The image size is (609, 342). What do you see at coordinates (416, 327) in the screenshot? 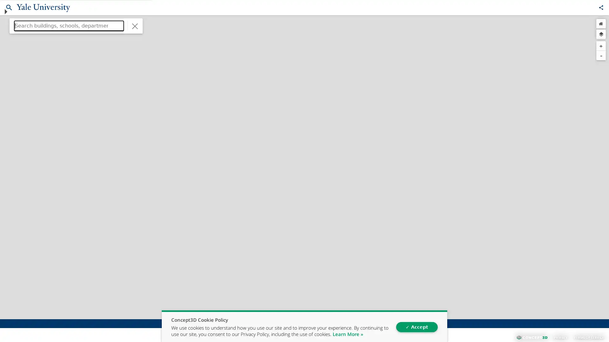
I see `Accept Use of Cookies` at bounding box center [416, 327].